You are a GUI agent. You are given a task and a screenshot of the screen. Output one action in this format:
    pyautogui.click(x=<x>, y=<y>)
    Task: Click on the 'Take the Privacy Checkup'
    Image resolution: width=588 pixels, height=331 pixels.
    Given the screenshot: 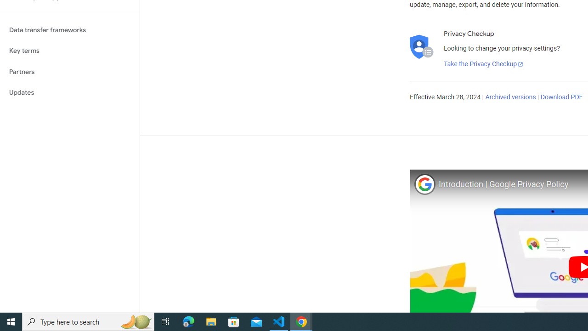 What is the action you would take?
    pyautogui.click(x=483, y=64)
    